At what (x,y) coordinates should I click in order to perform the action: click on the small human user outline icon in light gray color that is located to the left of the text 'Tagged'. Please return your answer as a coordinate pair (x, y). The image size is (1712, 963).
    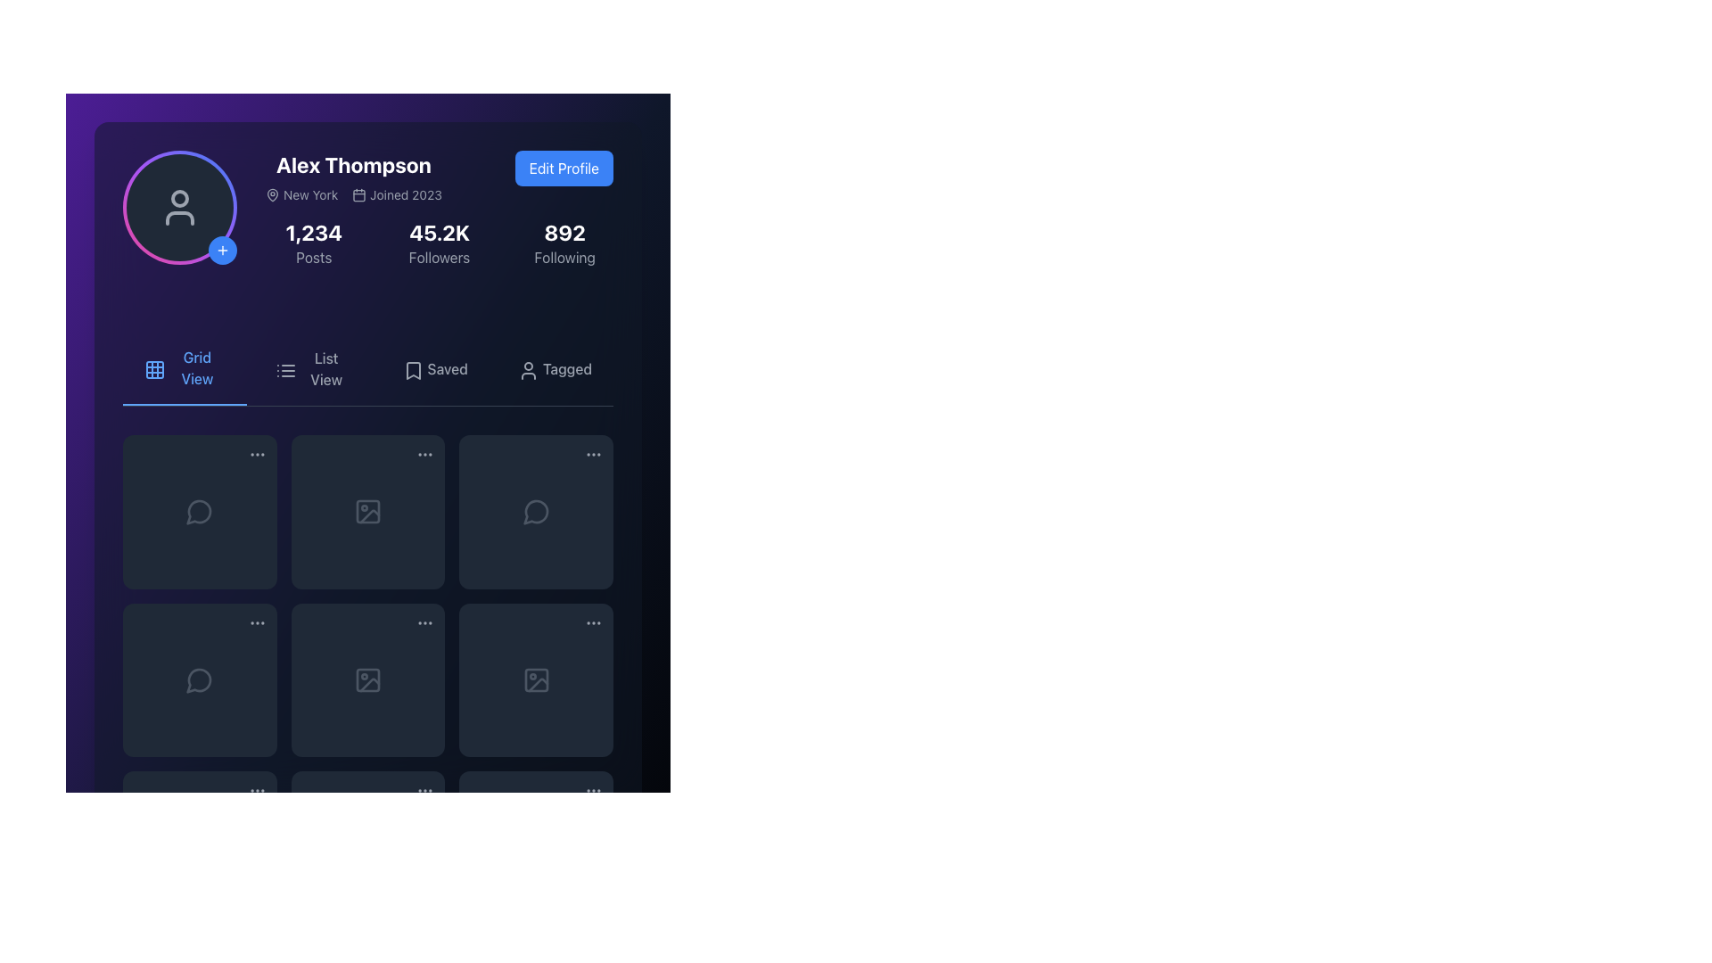
    Looking at the image, I should click on (525, 367).